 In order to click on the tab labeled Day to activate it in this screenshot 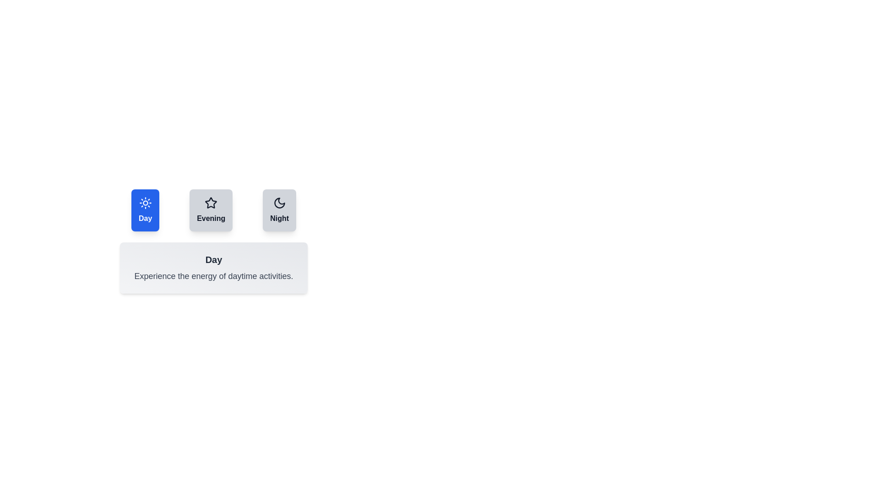, I will do `click(145, 210)`.